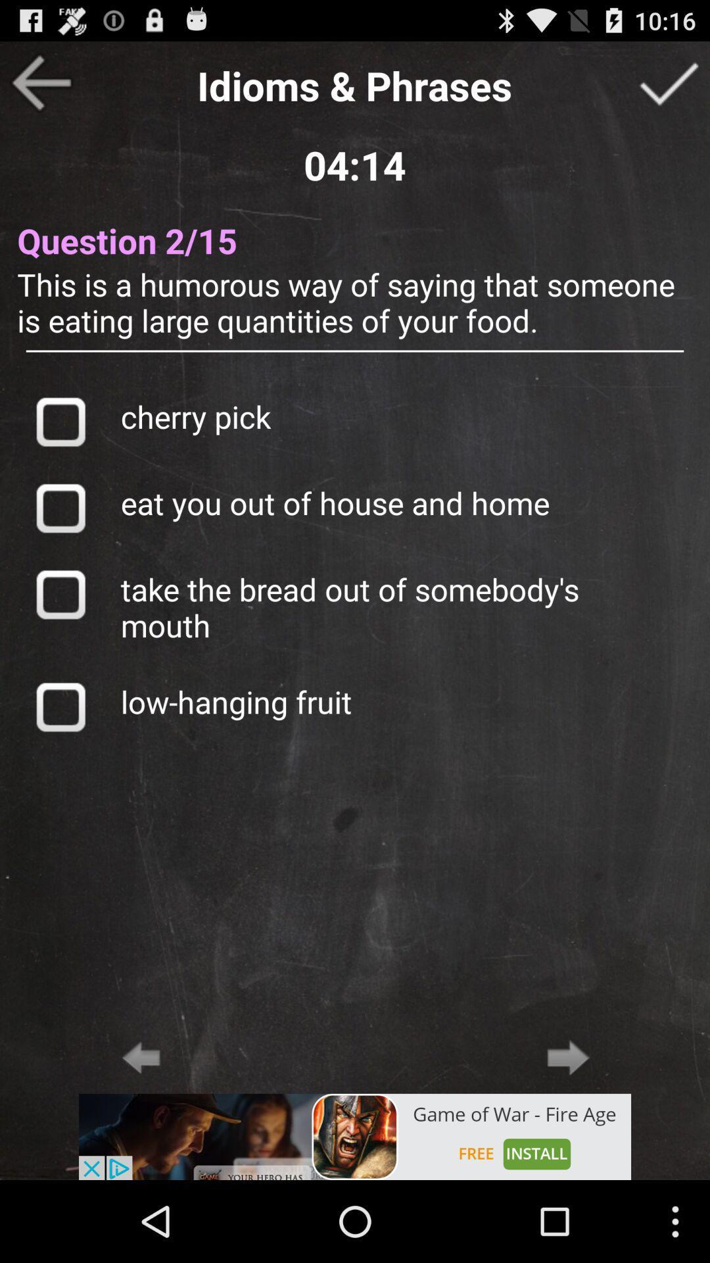 This screenshot has height=1263, width=710. I want to click on check third option, so click(60, 593).